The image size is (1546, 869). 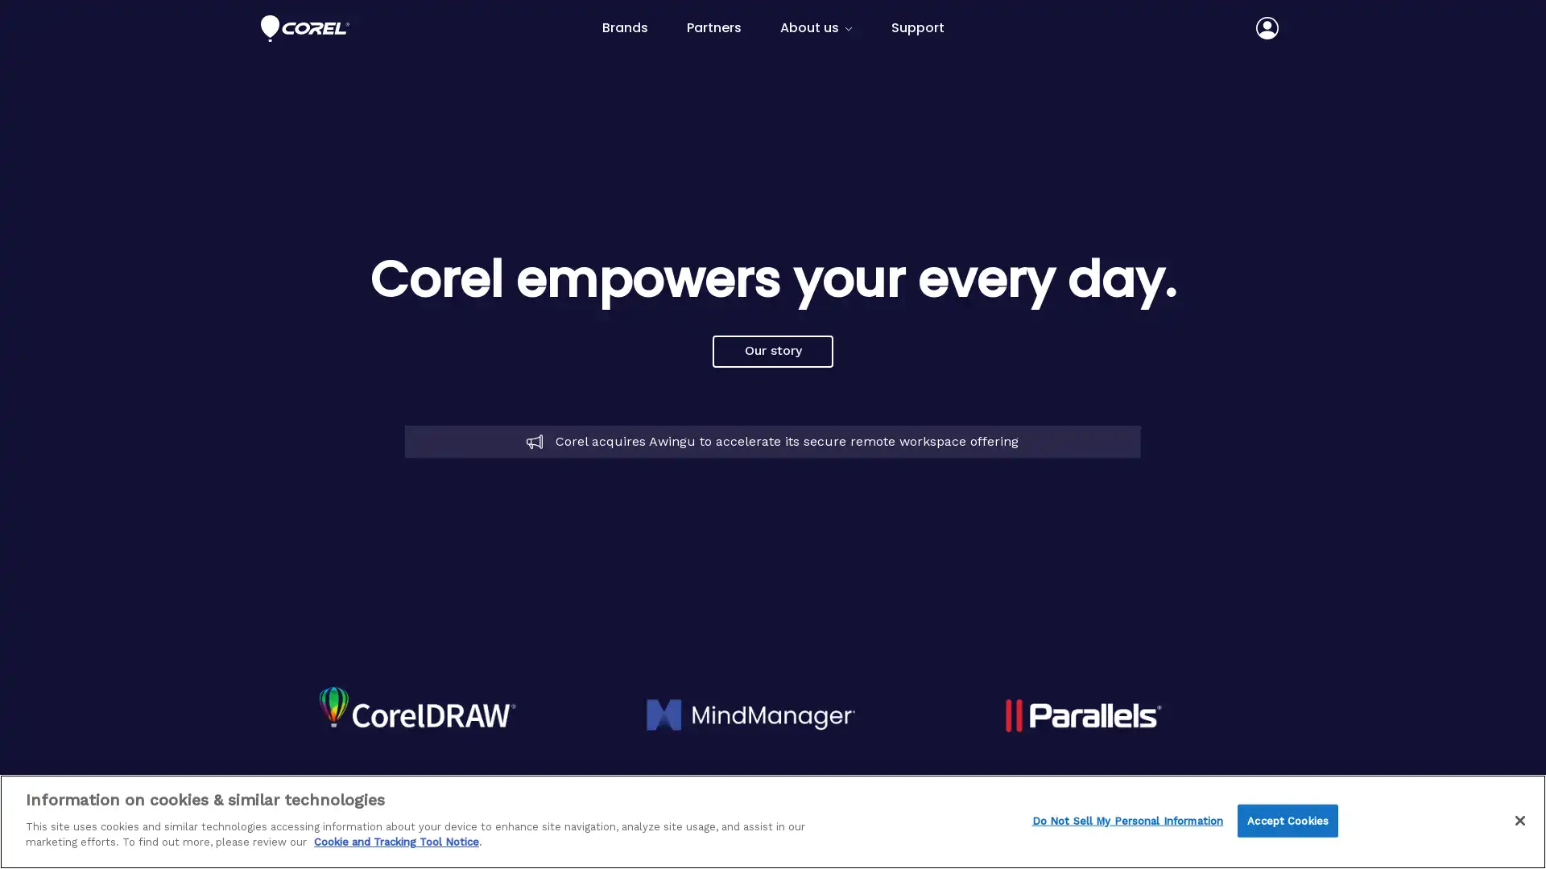 I want to click on Accept Cookies, so click(x=1287, y=820).